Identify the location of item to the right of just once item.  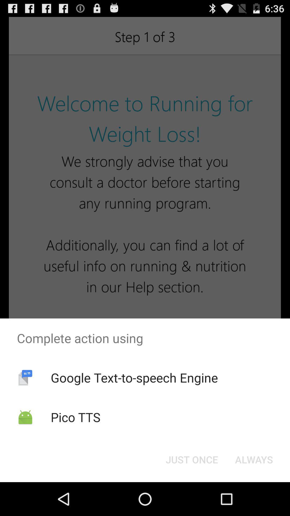
(254, 459).